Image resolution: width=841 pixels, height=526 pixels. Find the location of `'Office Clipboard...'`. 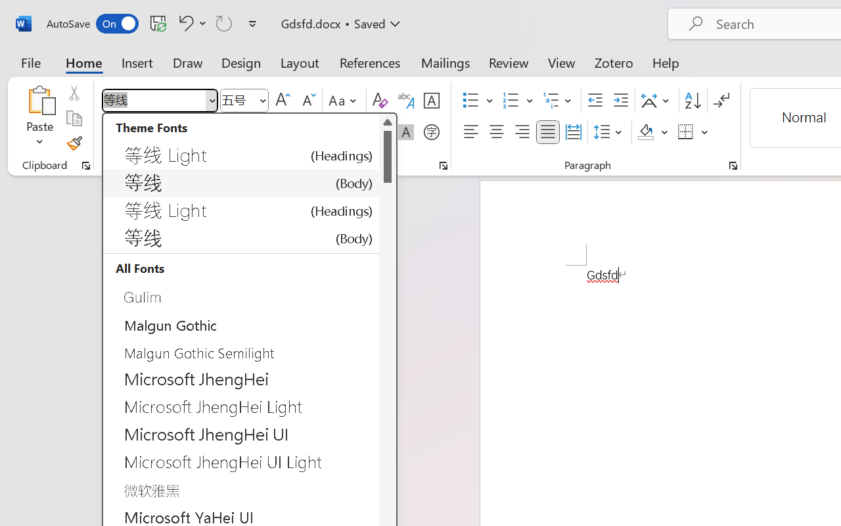

'Office Clipboard...' is located at coordinates (85, 165).